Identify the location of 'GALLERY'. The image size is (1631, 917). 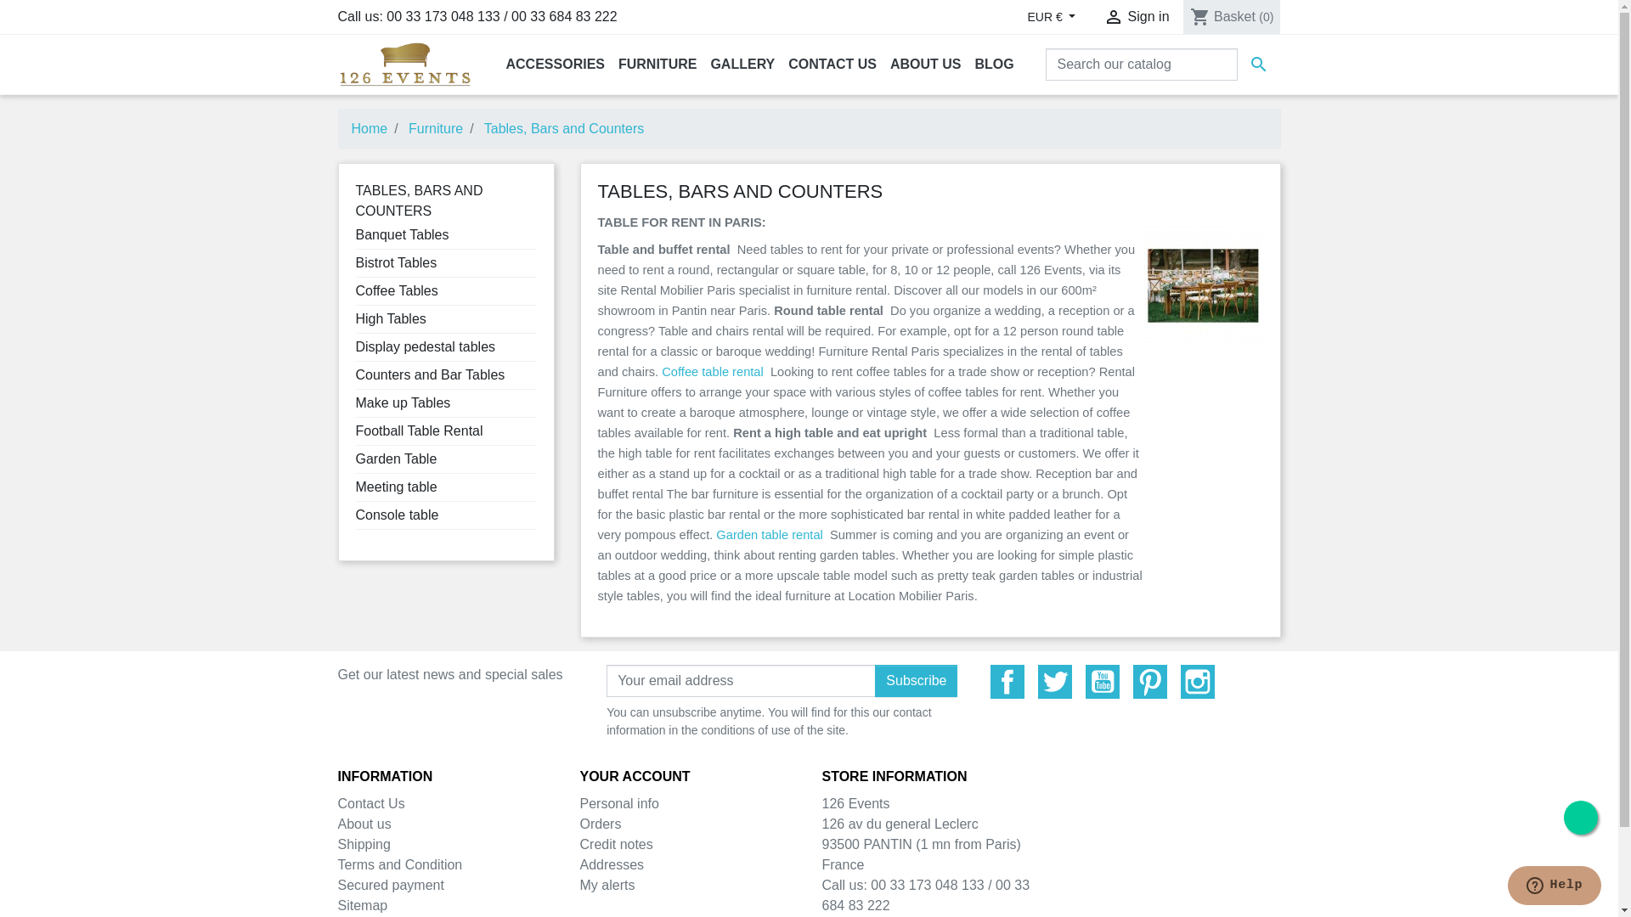
(742, 64).